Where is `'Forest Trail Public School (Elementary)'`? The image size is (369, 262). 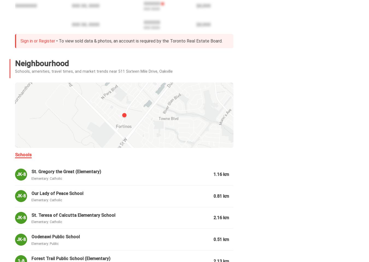 'Forest Trail Public School (Elementary)' is located at coordinates (71, 258).